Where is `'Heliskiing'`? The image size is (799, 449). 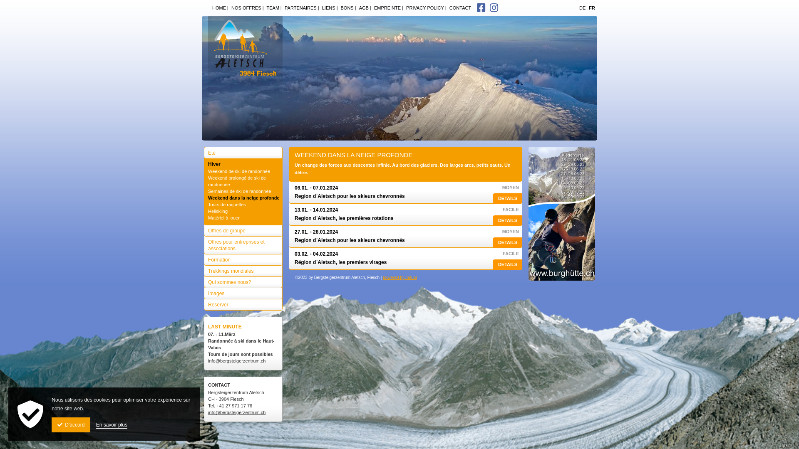
'Heliskiing' is located at coordinates (243, 211).